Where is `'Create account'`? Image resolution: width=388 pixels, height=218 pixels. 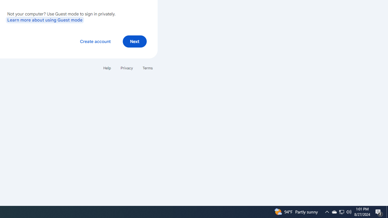 'Create account' is located at coordinates (95, 41).